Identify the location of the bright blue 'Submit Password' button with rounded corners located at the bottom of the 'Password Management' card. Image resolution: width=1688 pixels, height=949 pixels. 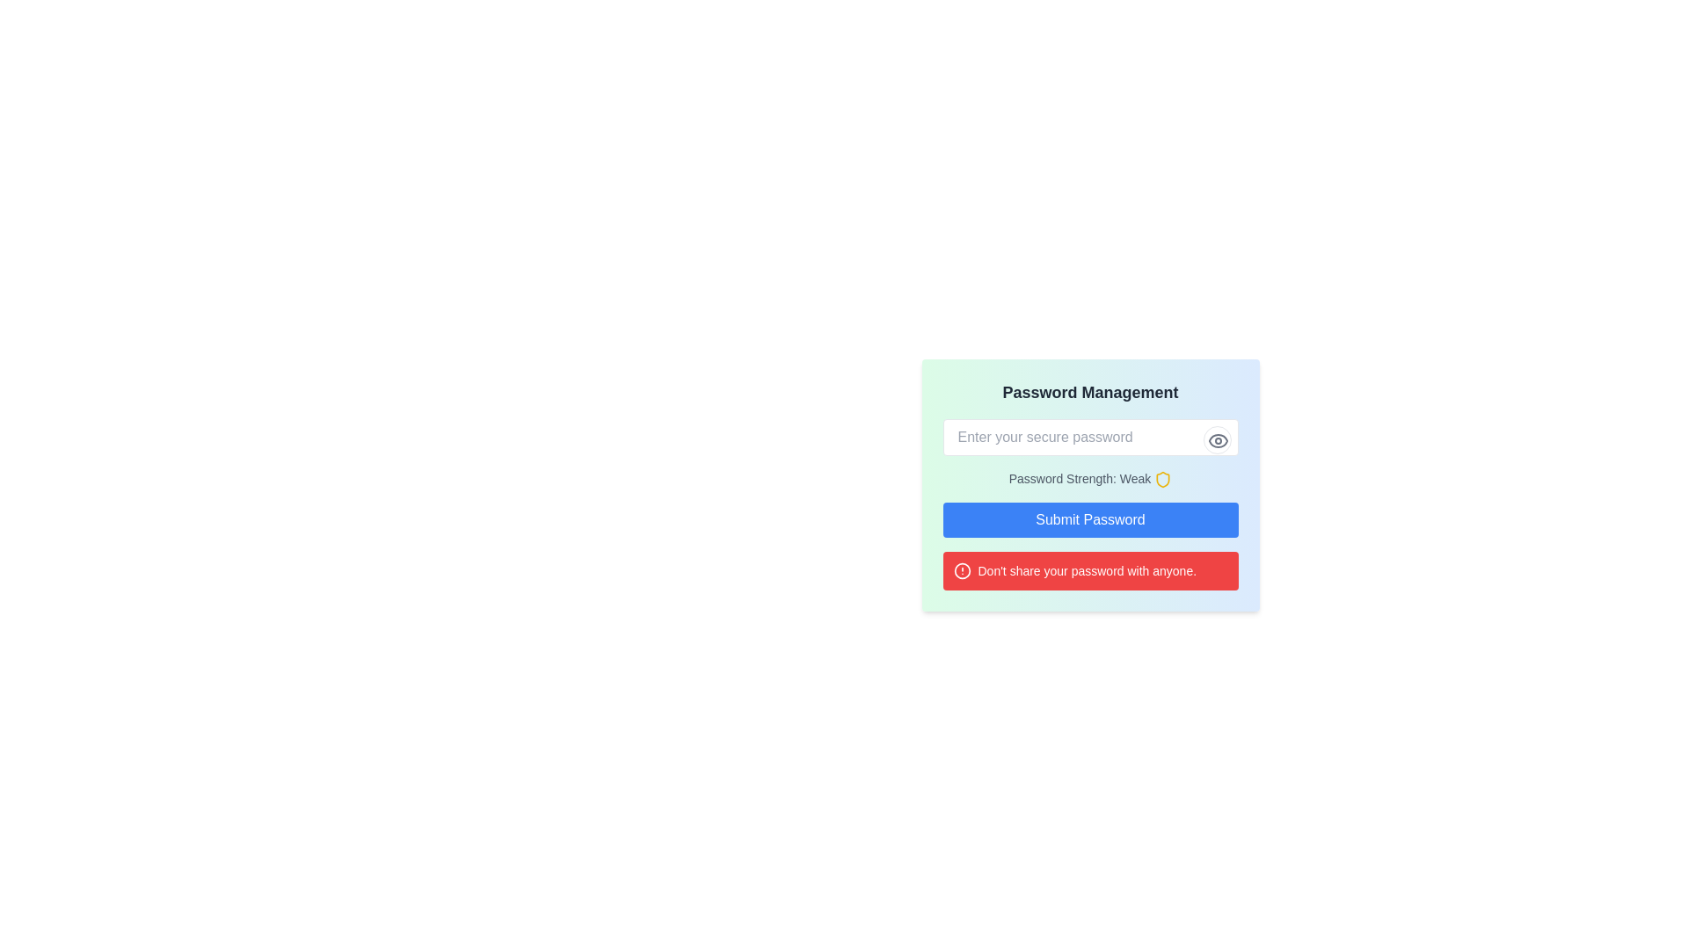
(1089, 519).